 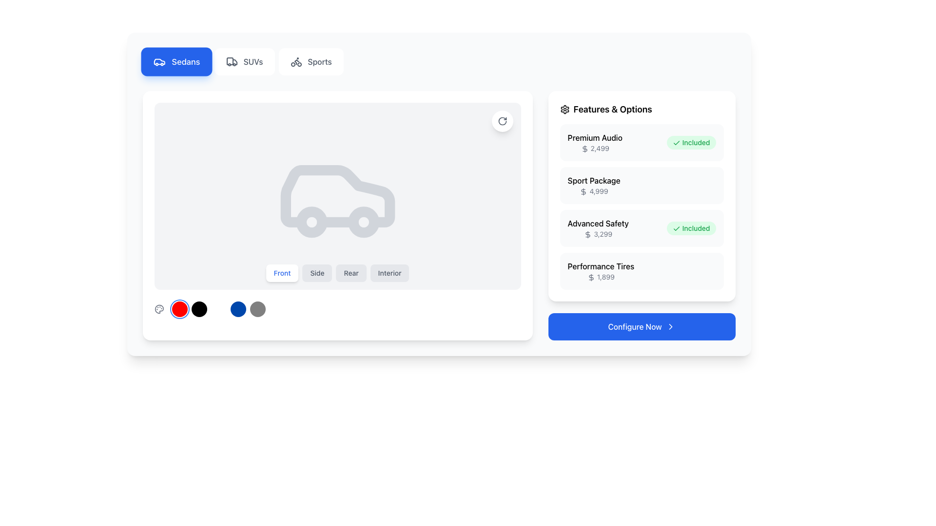 What do you see at coordinates (585, 149) in the screenshot?
I see `the dollar symbol icon located in the 'Premium Audio' item, which serves as a price indicator preceding the price text '2,499'` at bounding box center [585, 149].